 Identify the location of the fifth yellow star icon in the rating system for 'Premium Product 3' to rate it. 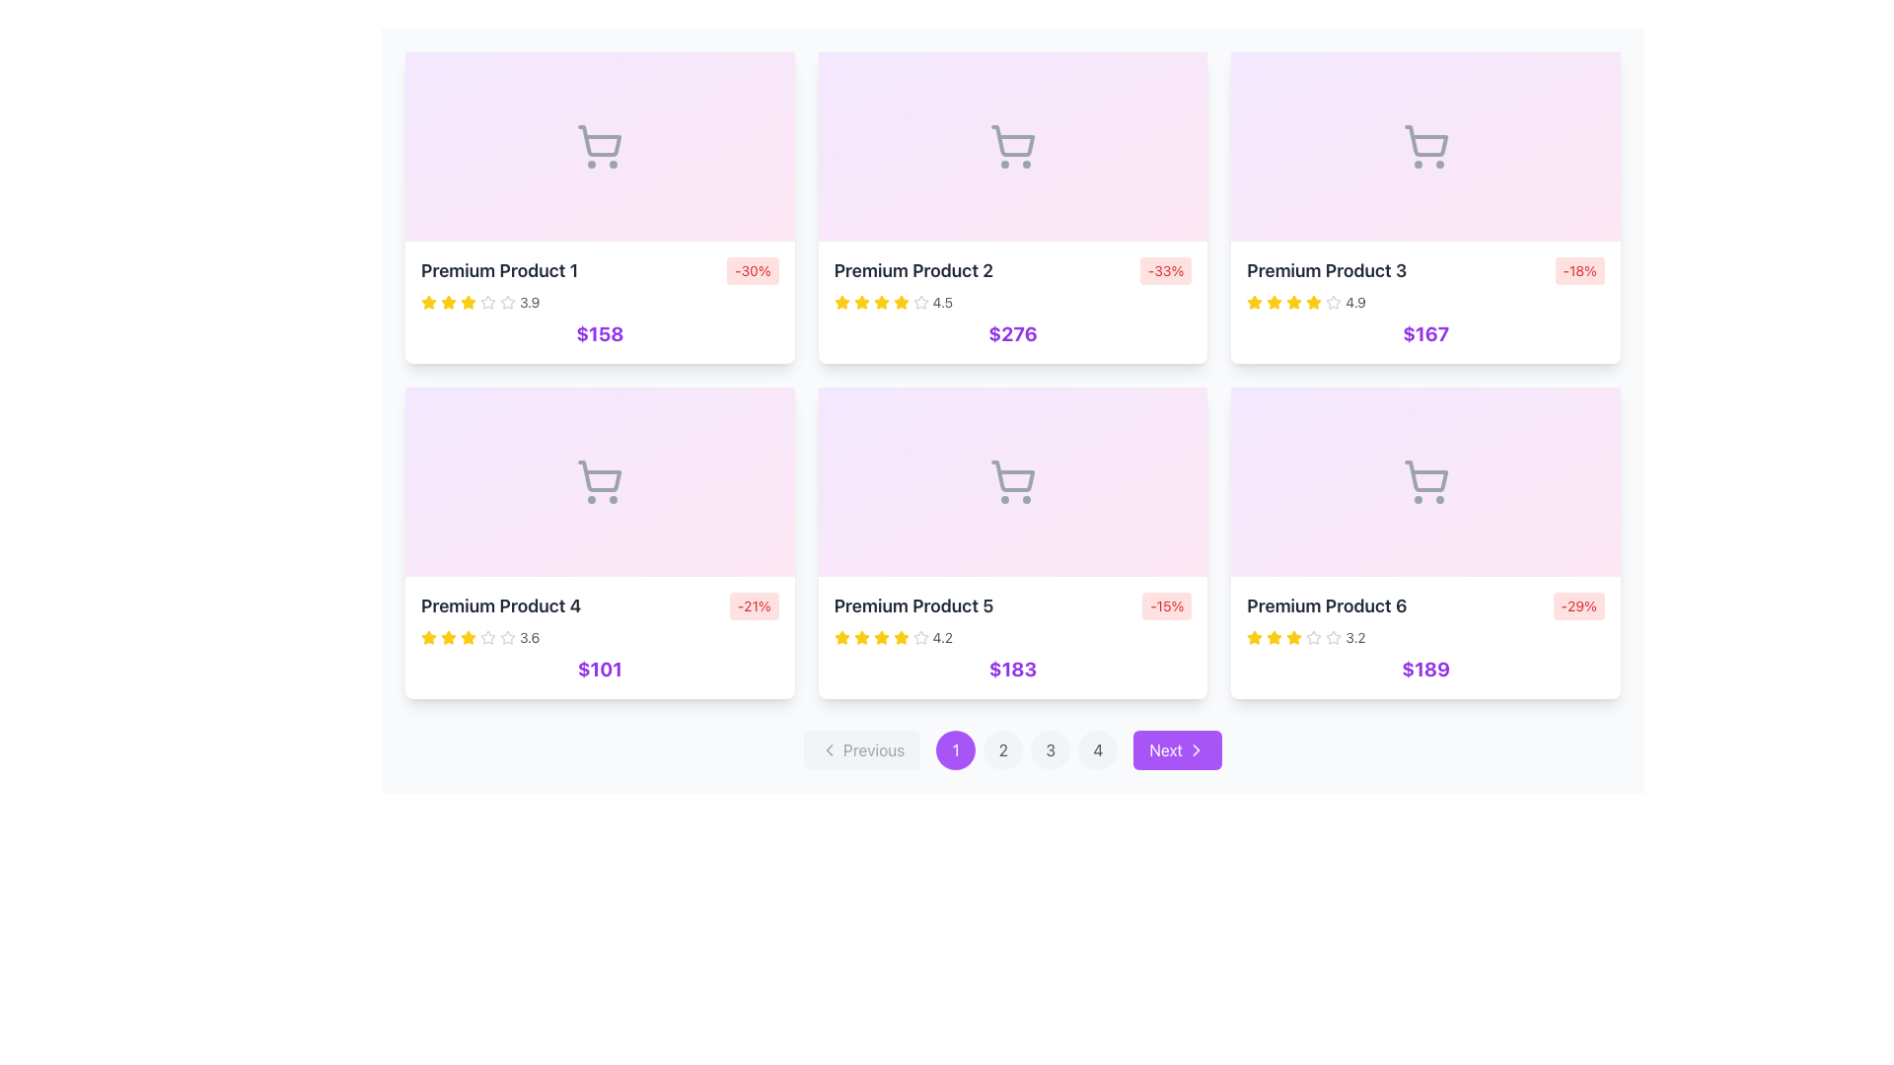
(1254, 302).